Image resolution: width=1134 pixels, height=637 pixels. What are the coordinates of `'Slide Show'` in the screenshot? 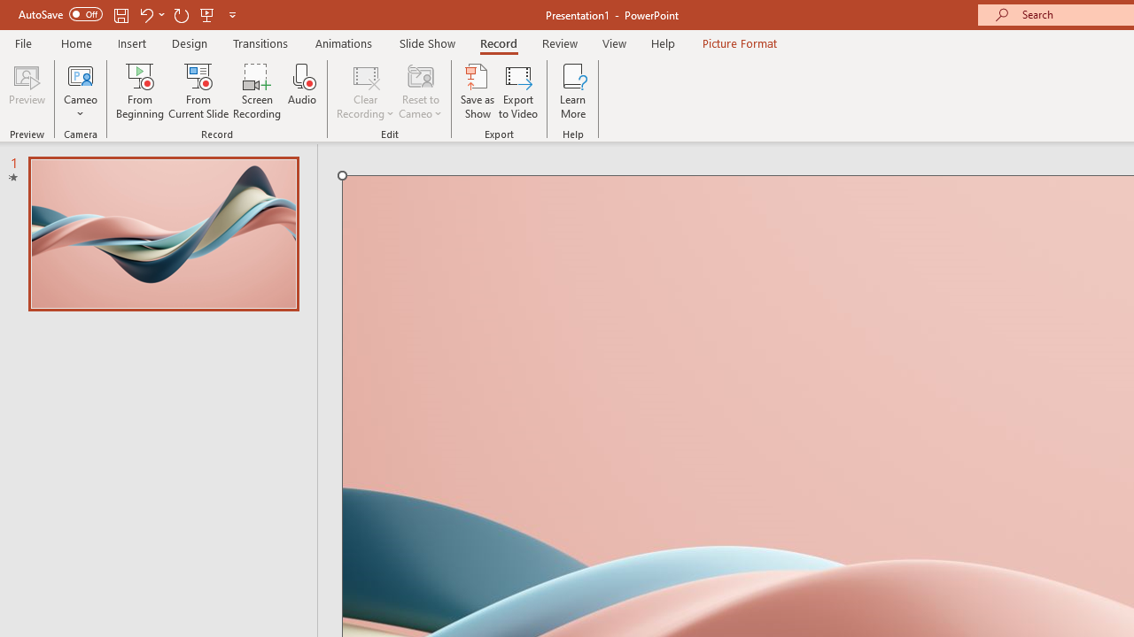 It's located at (426, 42).